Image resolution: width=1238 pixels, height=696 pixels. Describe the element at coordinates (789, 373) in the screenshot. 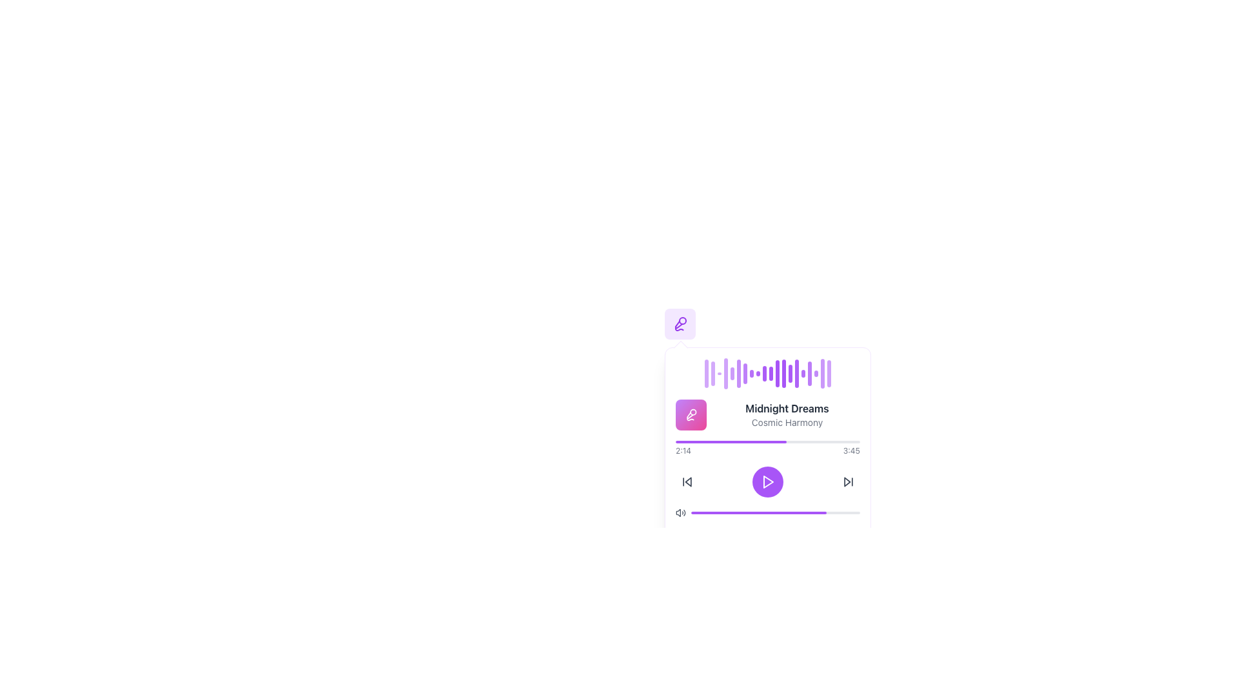

I see `the 14th purple waveform bar, which is part of a group of 20 bars representing a visual audio waveform in a media player interface` at that location.